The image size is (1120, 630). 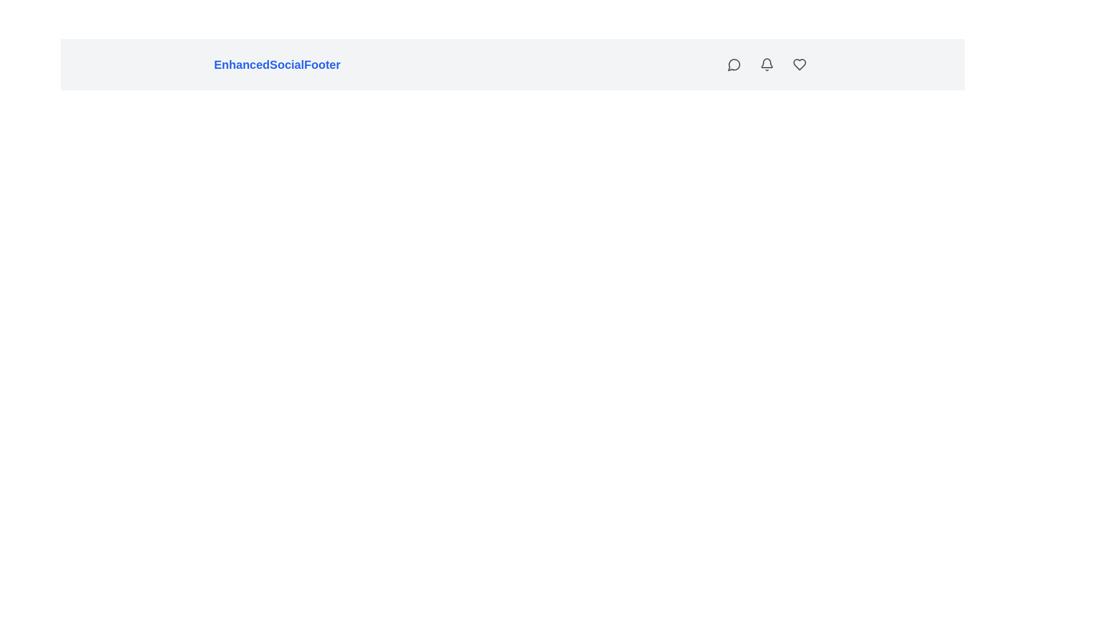 What do you see at coordinates (767, 65) in the screenshot?
I see `the bell-shaped notification icon styled in dark gray with a light gray background located in the header section, third from the left in a group of four icons` at bounding box center [767, 65].